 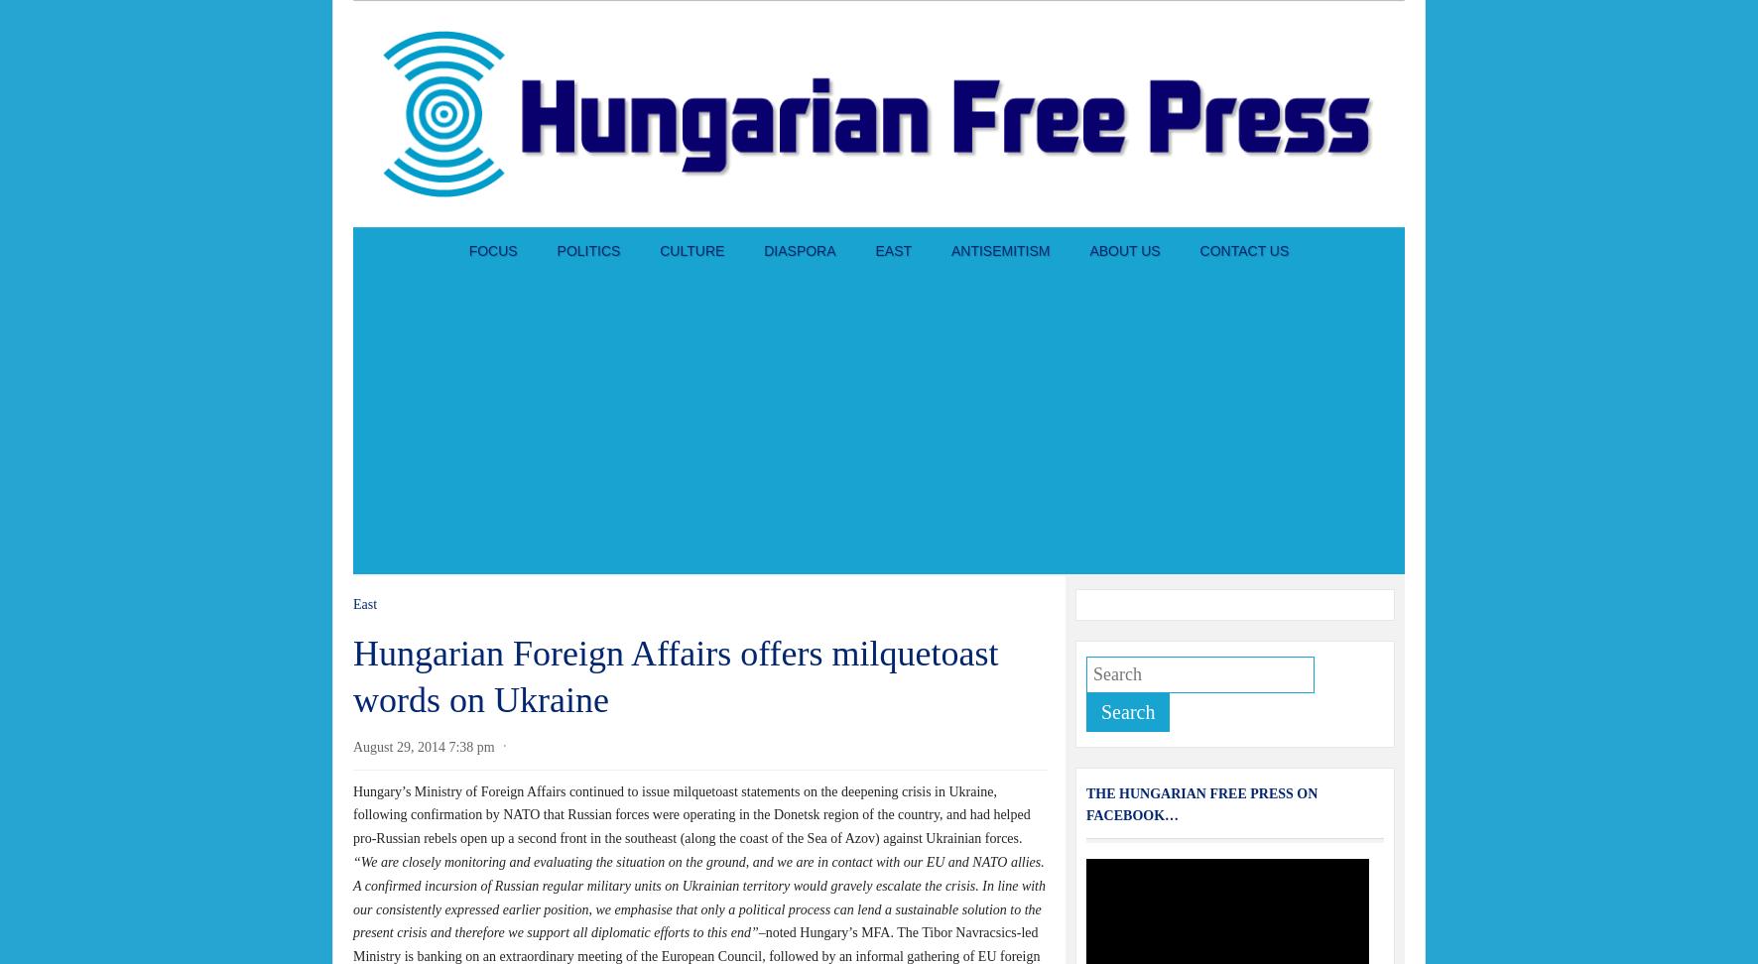 What do you see at coordinates (424, 746) in the screenshot?
I see `'August 29, 2014 7:38 pm'` at bounding box center [424, 746].